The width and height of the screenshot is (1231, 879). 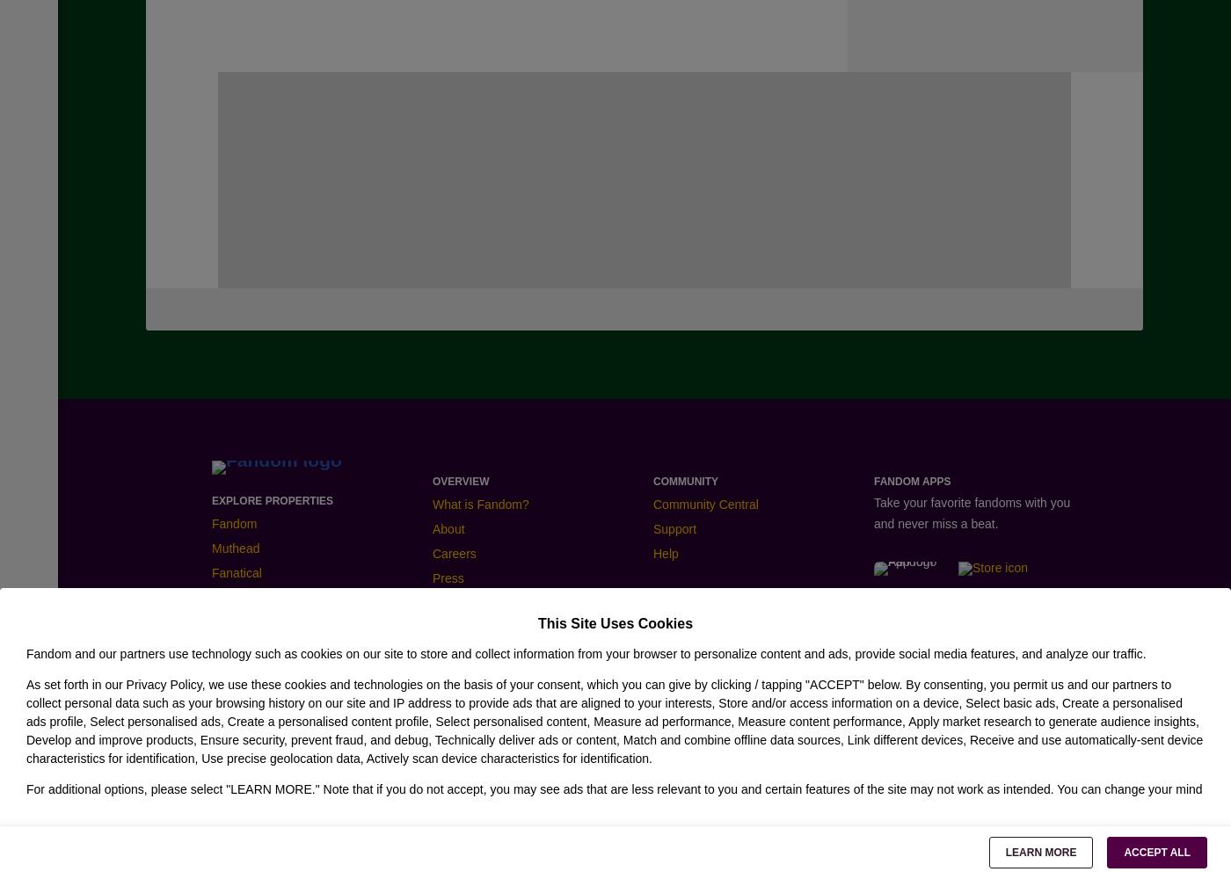 What do you see at coordinates (244, 615) in the screenshot?
I see `'Follow Us'` at bounding box center [244, 615].